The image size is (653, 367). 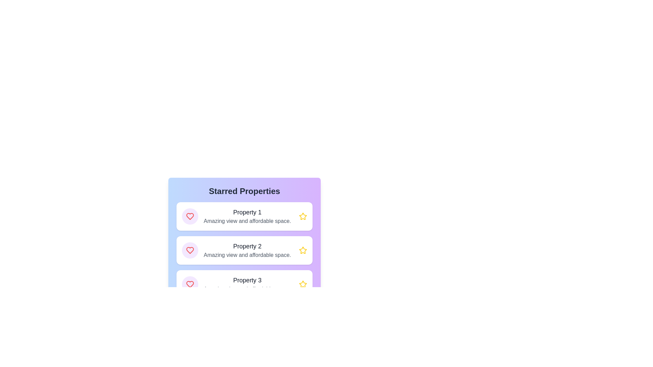 What do you see at coordinates (247, 250) in the screenshot?
I see `the text display that shows 'Property 2' with the descriptive text 'Amazing view and affordable space.' by moving the mouse to its center` at bounding box center [247, 250].